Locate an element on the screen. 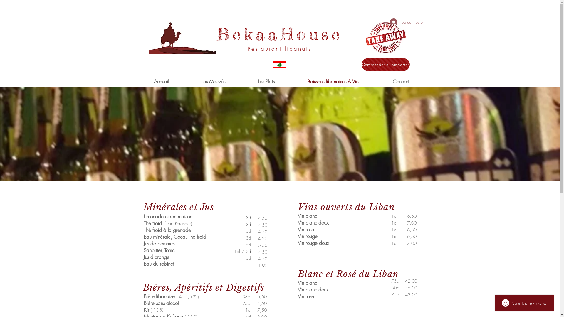 The width and height of the screenshot is (564, 317). 'Boissons libanaises & Vins' is located at coordinates (333, 81).